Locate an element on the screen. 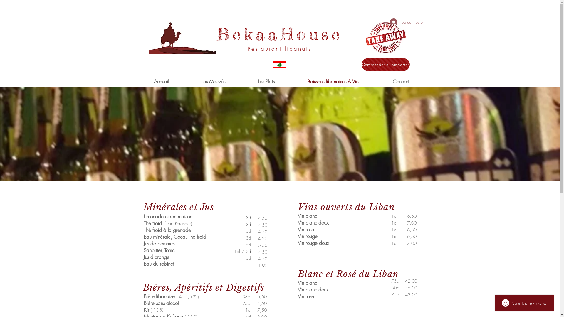 The width and height of the screenshot is (564, 317). 'Boissons libanaises & Vins' is located at coordinates (333, 81).